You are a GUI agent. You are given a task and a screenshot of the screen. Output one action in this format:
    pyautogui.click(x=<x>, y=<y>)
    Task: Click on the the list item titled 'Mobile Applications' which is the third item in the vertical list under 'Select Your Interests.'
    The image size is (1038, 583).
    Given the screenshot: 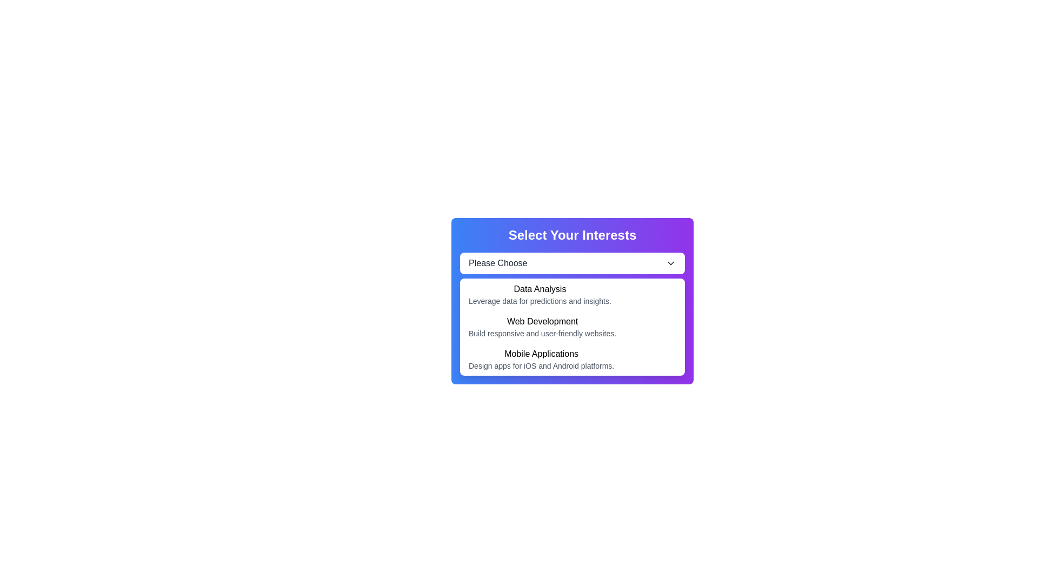 What is the action you would take?
    pyautogui.click(x=572, y=360)
    